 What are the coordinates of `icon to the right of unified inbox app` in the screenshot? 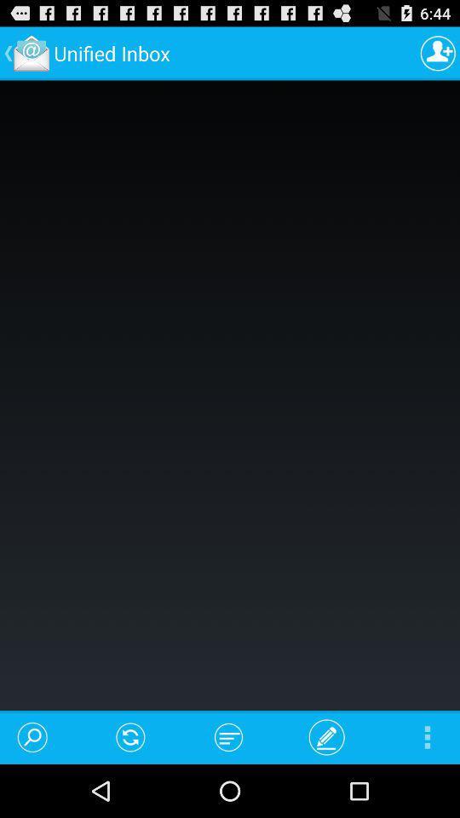 It's located at (438, 53).